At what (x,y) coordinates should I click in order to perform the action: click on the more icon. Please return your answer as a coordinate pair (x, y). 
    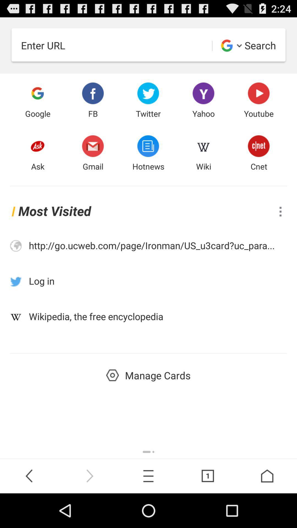
    Looking at the image, I should click on (280, 226).